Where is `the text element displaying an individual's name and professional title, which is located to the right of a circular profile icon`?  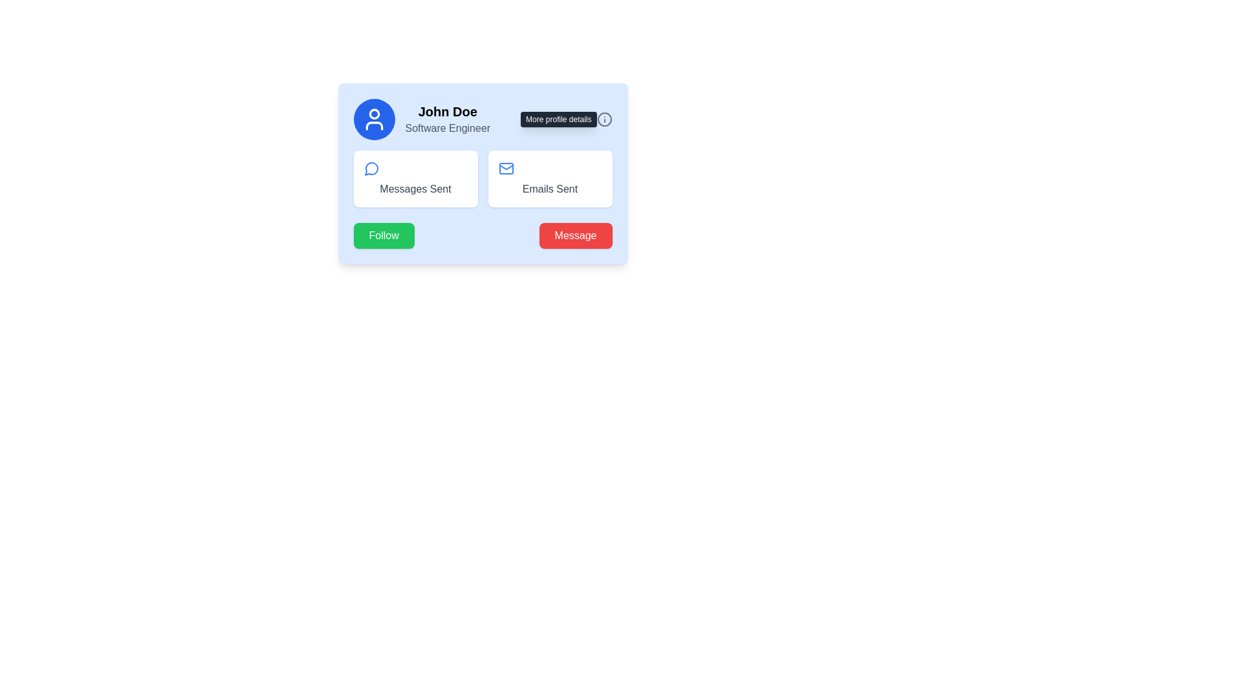
the text element displaying an individual's name and professional title, which is located to the right of a circular profile icon is located at coordinates (448, 120).